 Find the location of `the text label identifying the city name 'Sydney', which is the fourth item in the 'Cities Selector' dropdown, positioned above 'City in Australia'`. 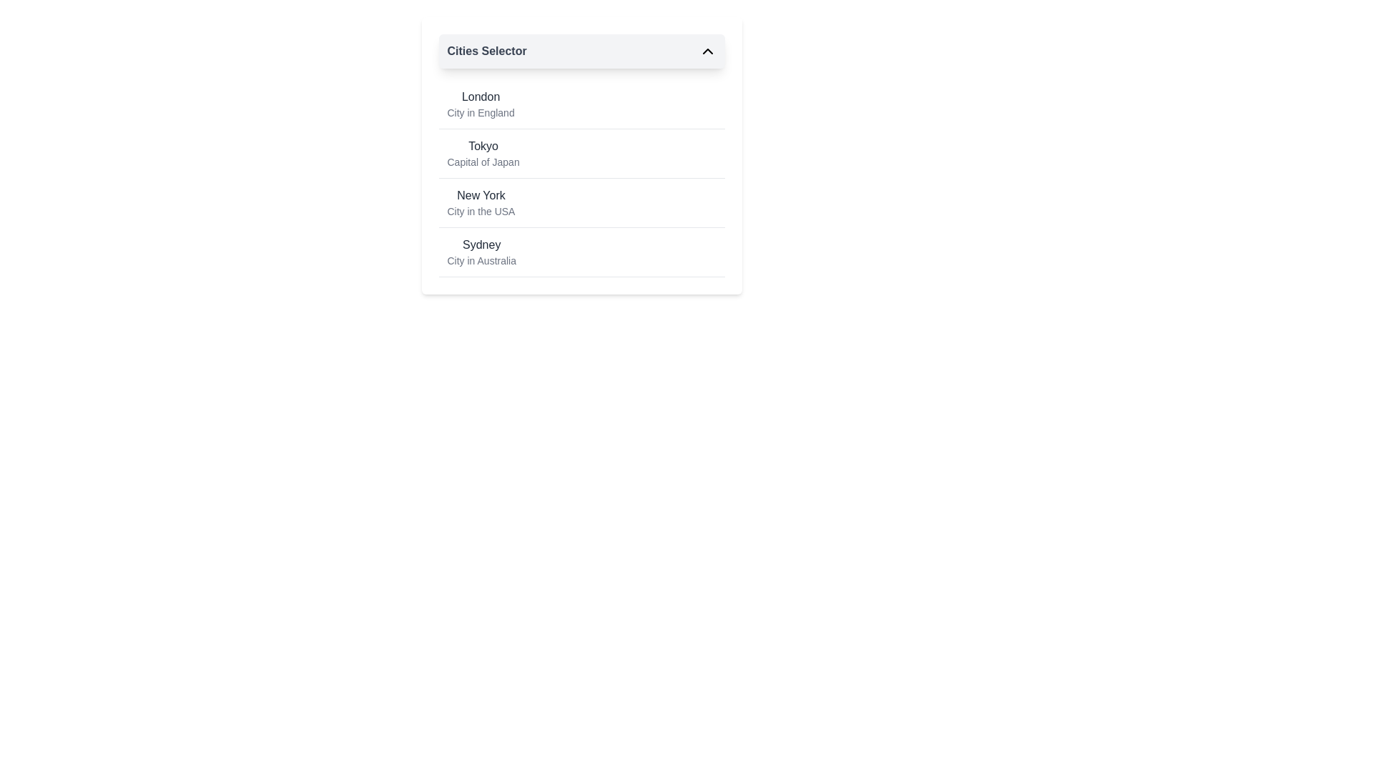

the text label identifying the city name 'Sydney', which is the fourth item in the 'Cities Selector' dropdown, positioned above 'City in Australia' is located at coordinates (481, 244).